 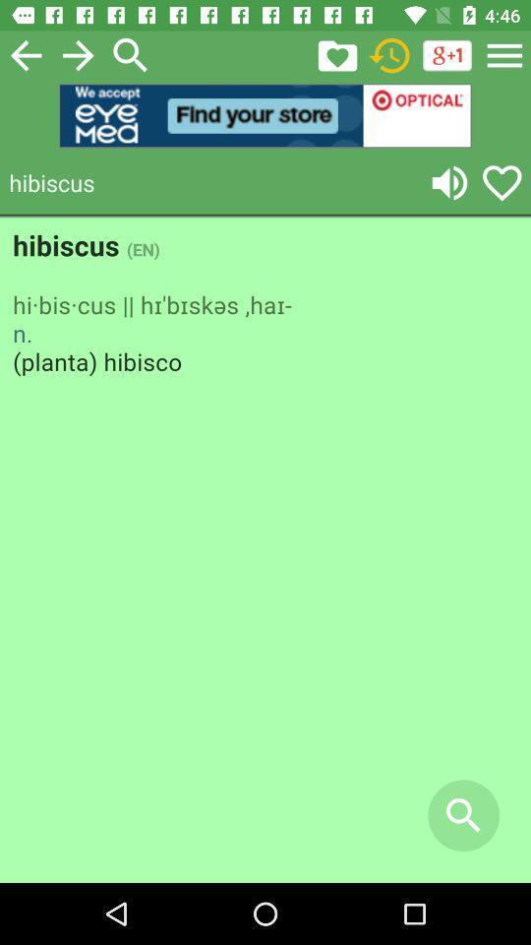 What do you see at coordinates (449, 182) in the screenshot?
I see `hear pronunciation` at bounding box center [449, 182].